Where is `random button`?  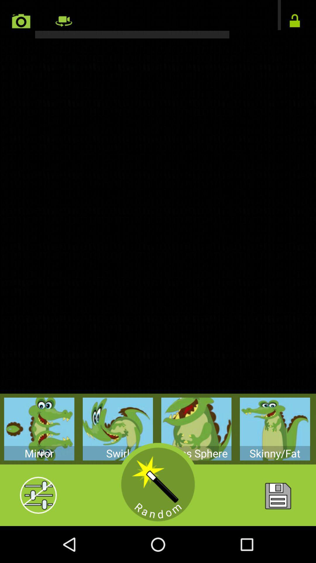 random button is located at coordinates (158, 484).